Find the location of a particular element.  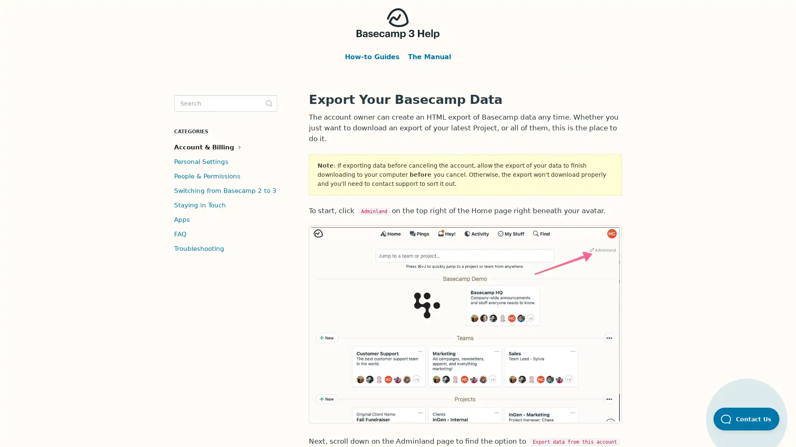

Toggle Search is located at coordinates (269, 103).